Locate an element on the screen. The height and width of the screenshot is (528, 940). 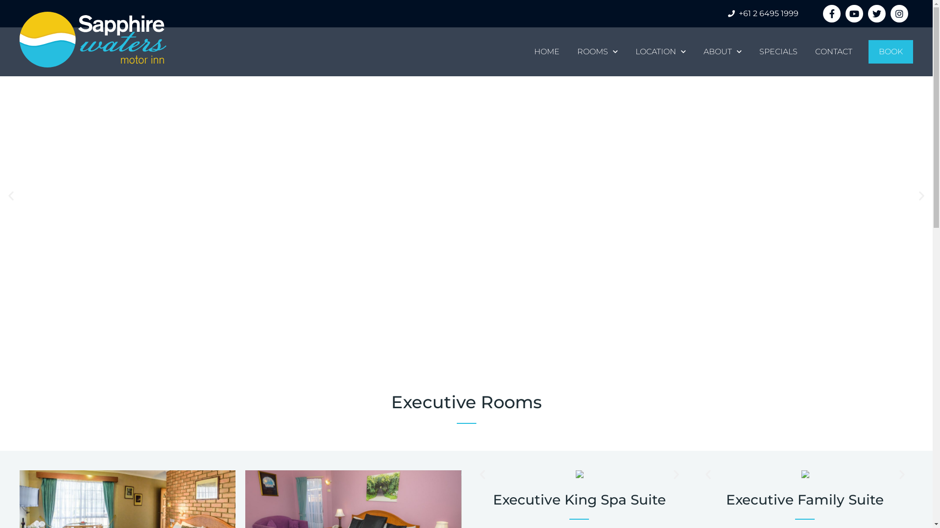
'BOOK' is located at coordinates (869, 51).